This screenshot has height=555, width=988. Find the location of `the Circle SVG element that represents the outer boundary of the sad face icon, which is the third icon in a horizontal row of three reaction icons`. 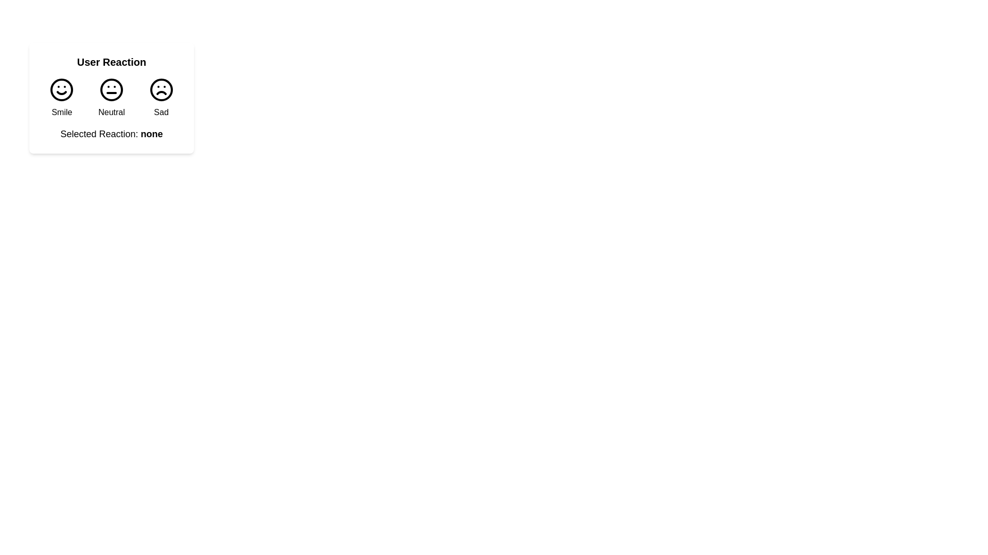

the Circle SVG element that represents the outer boundary of the sad face icon, which is the third icon in a horizontal row of three reaction icons is located at coordinates (161, 89).